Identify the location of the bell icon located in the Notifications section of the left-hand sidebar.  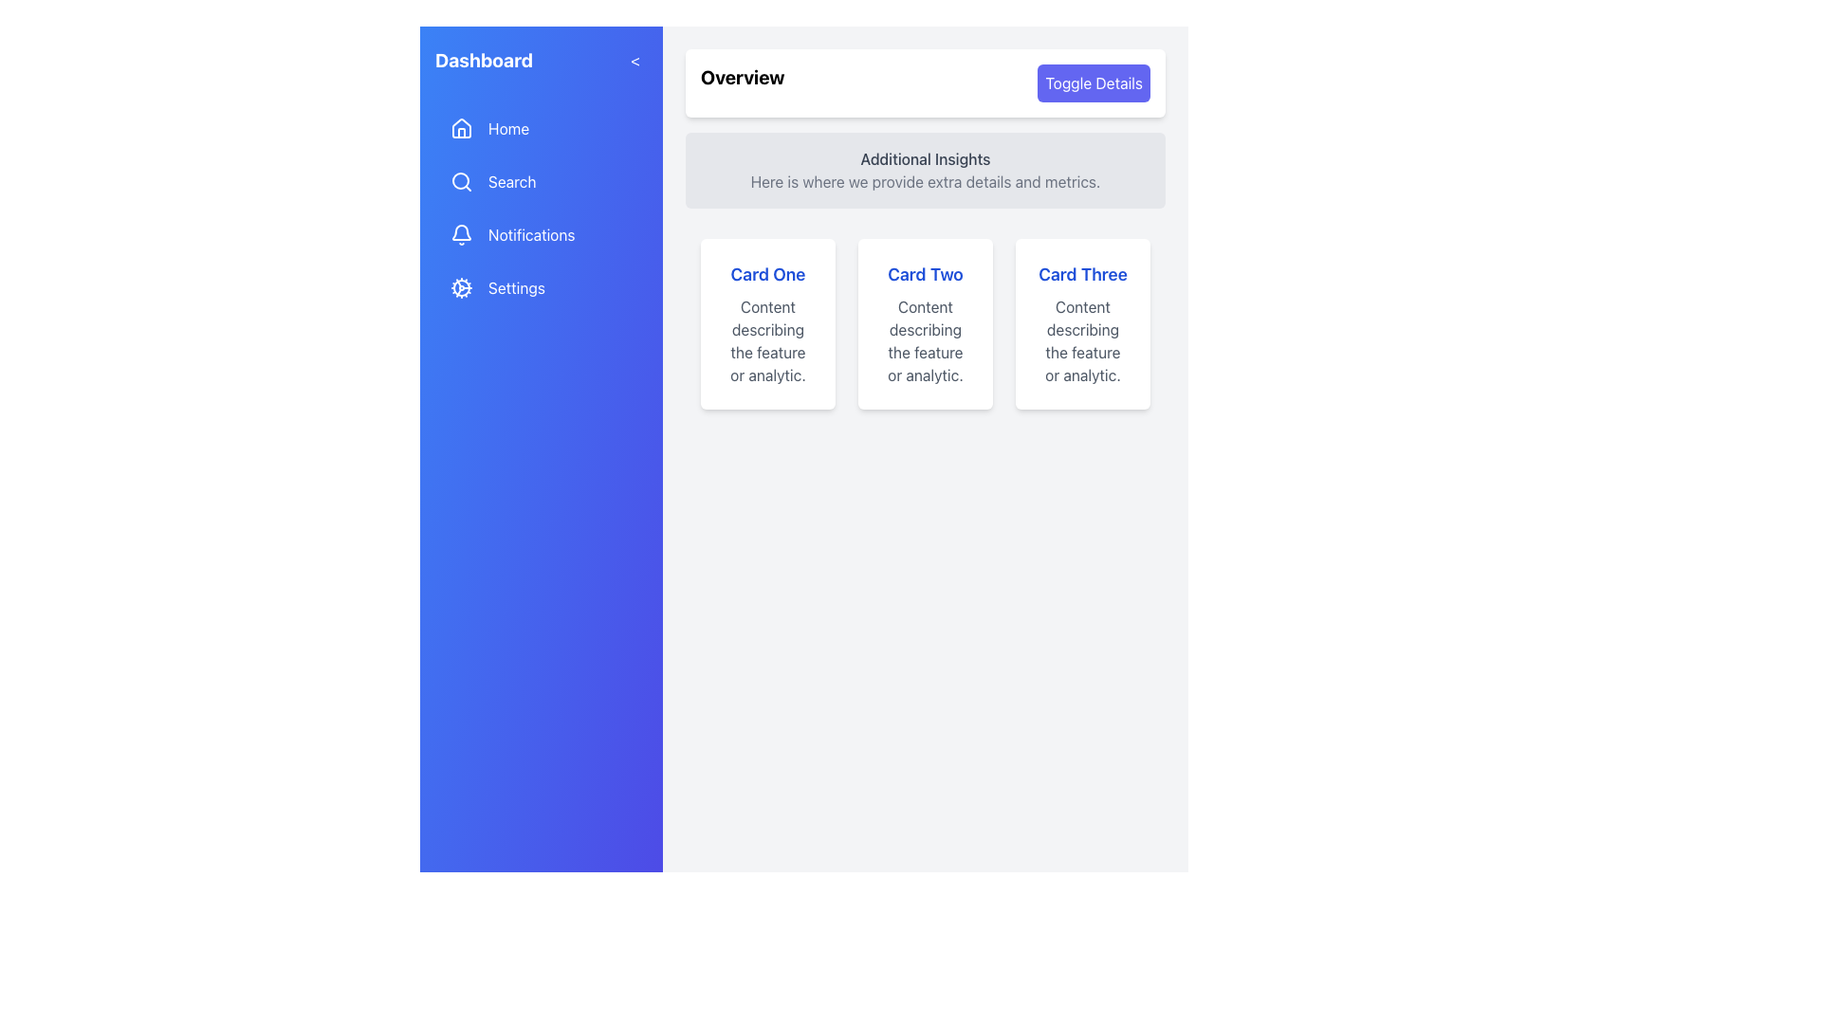
(461, 233).